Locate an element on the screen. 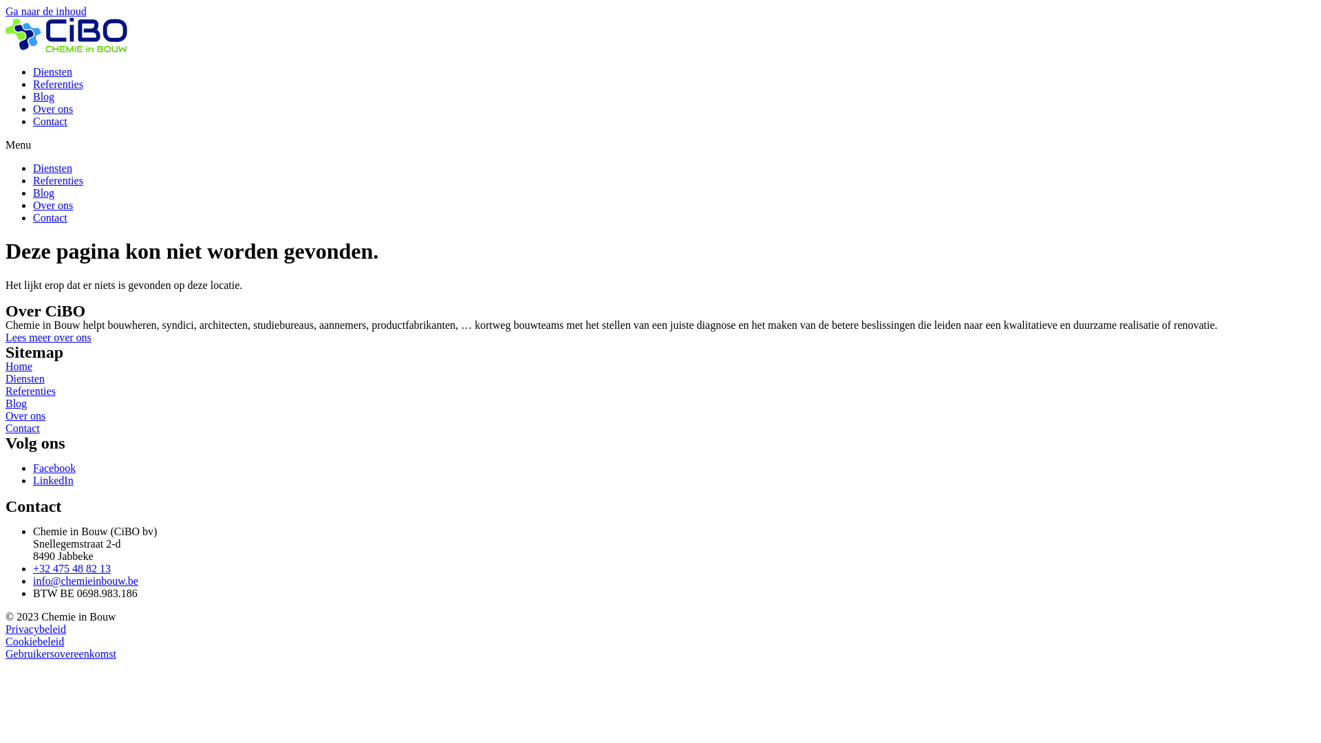  'info@chemieinbouw.be' is located at coordinates (85, 581).